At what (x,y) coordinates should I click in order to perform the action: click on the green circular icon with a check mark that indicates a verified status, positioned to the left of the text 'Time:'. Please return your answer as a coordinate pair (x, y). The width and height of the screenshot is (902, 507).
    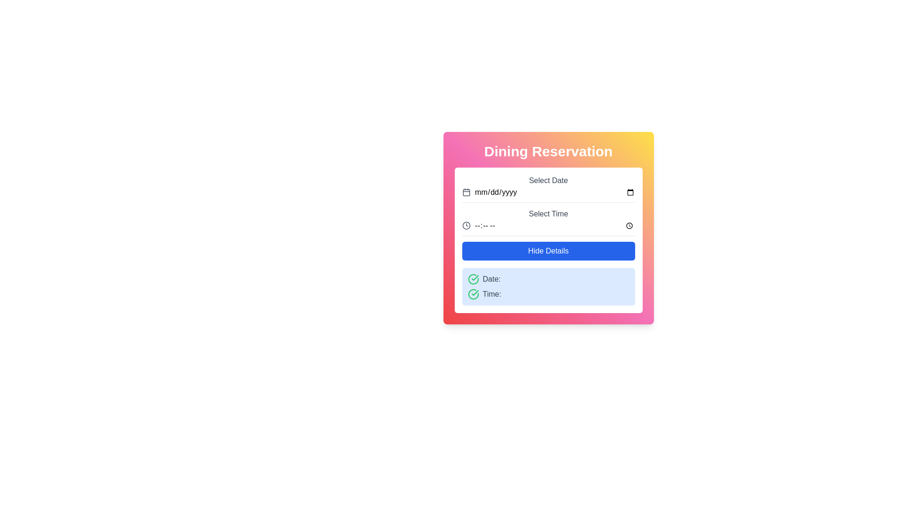
    Looking at the image, I should click on (473, 294).